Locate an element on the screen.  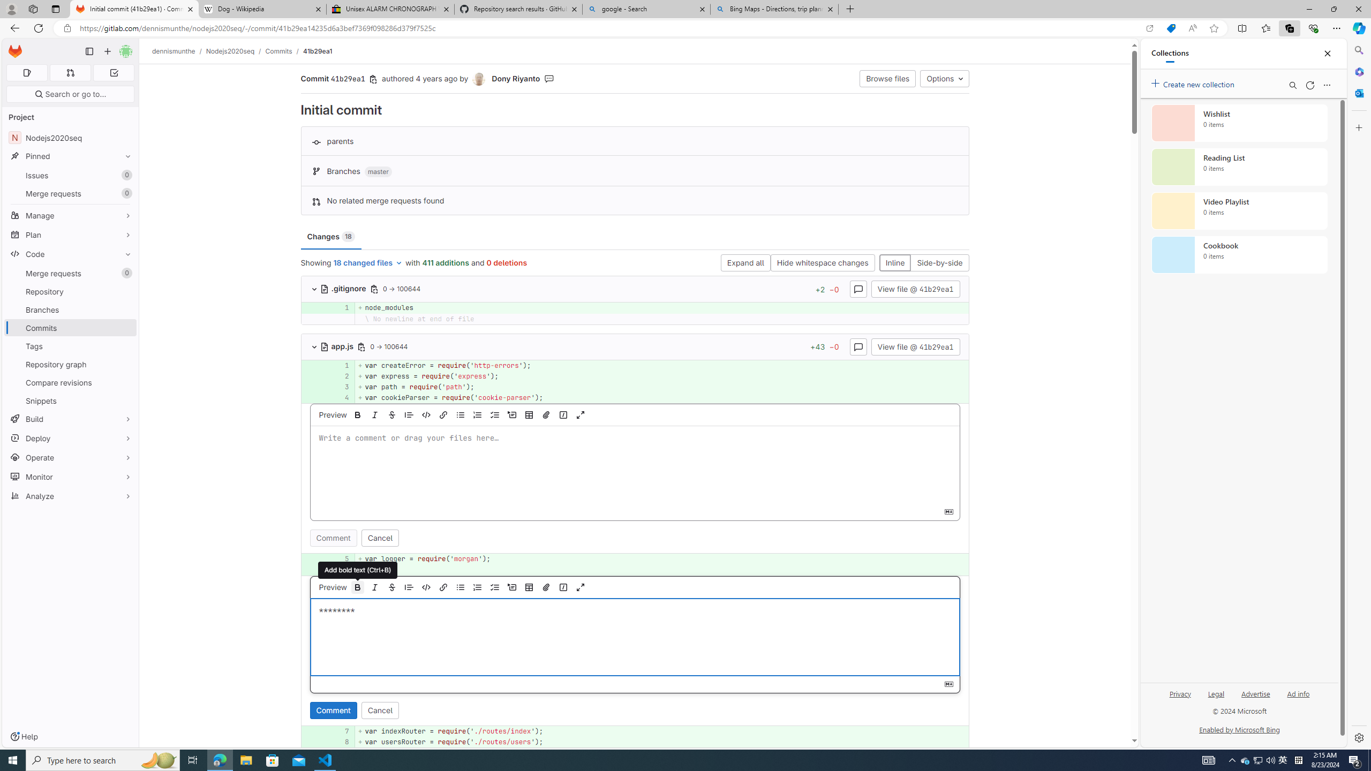
'Shopping in Microsoft Edge' is located at coordinates (1170, 28).